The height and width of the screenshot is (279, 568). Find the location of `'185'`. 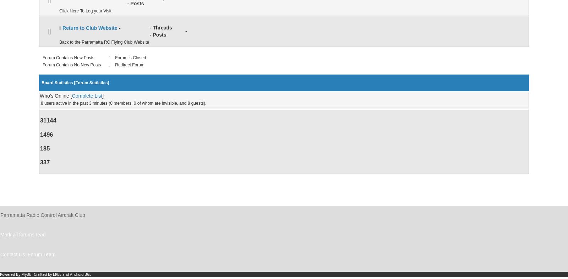

'185' is located at coordinates (44, 148).